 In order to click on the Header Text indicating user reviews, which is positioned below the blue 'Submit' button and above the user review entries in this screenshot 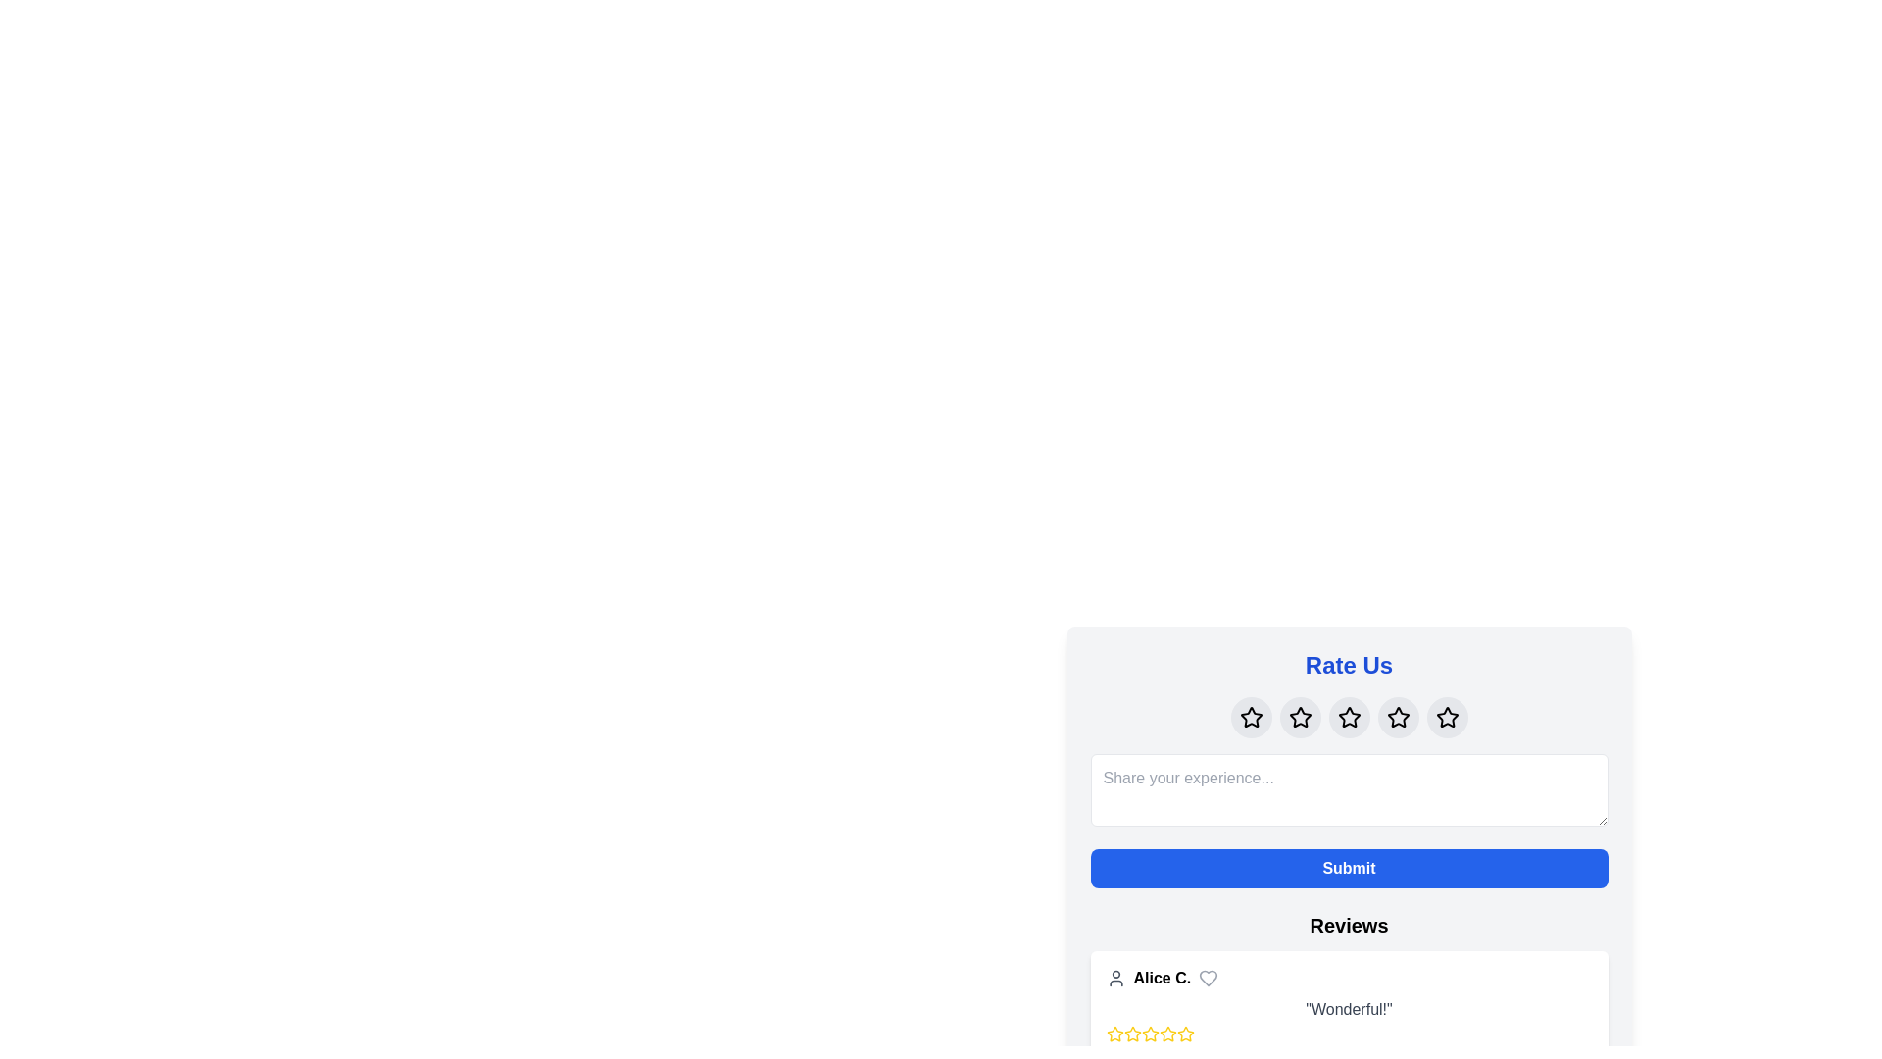, I will do `click(1348, 926)`.